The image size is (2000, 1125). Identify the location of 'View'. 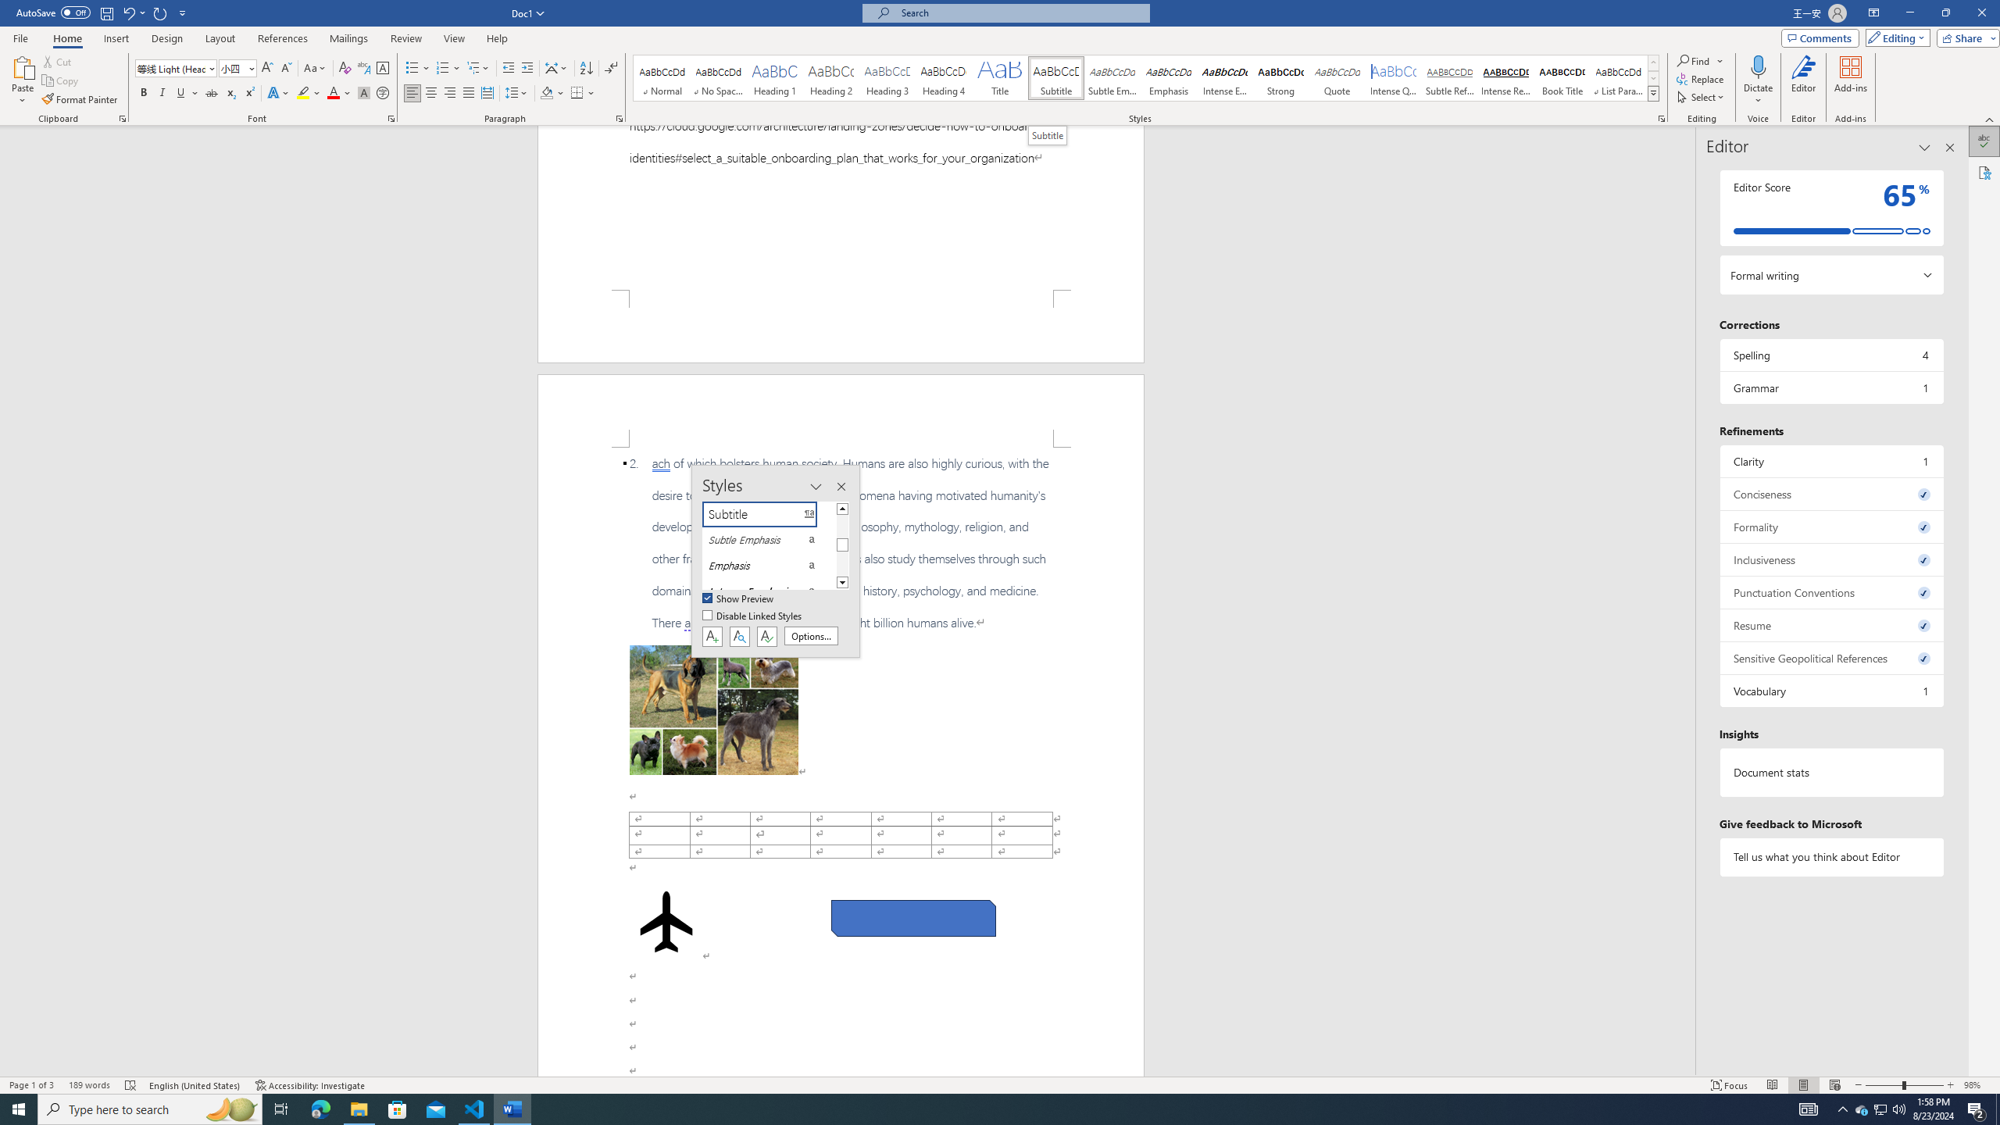
(455, 38).